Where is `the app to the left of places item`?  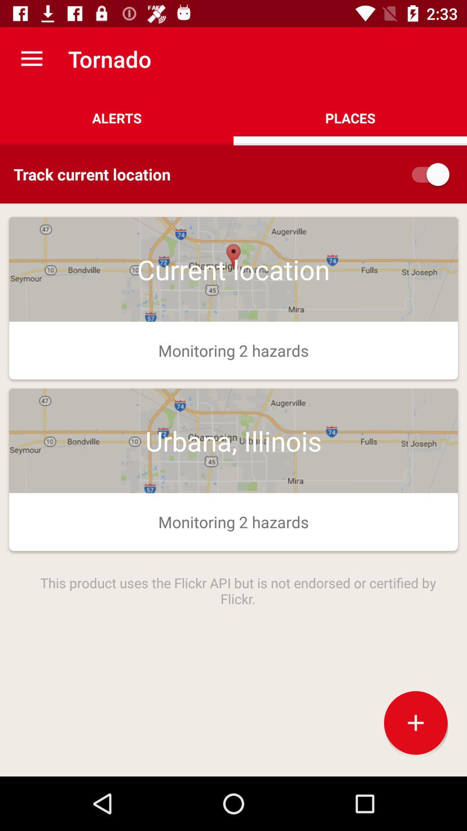 the app to the left of places item is located at coordinates (117, 118).